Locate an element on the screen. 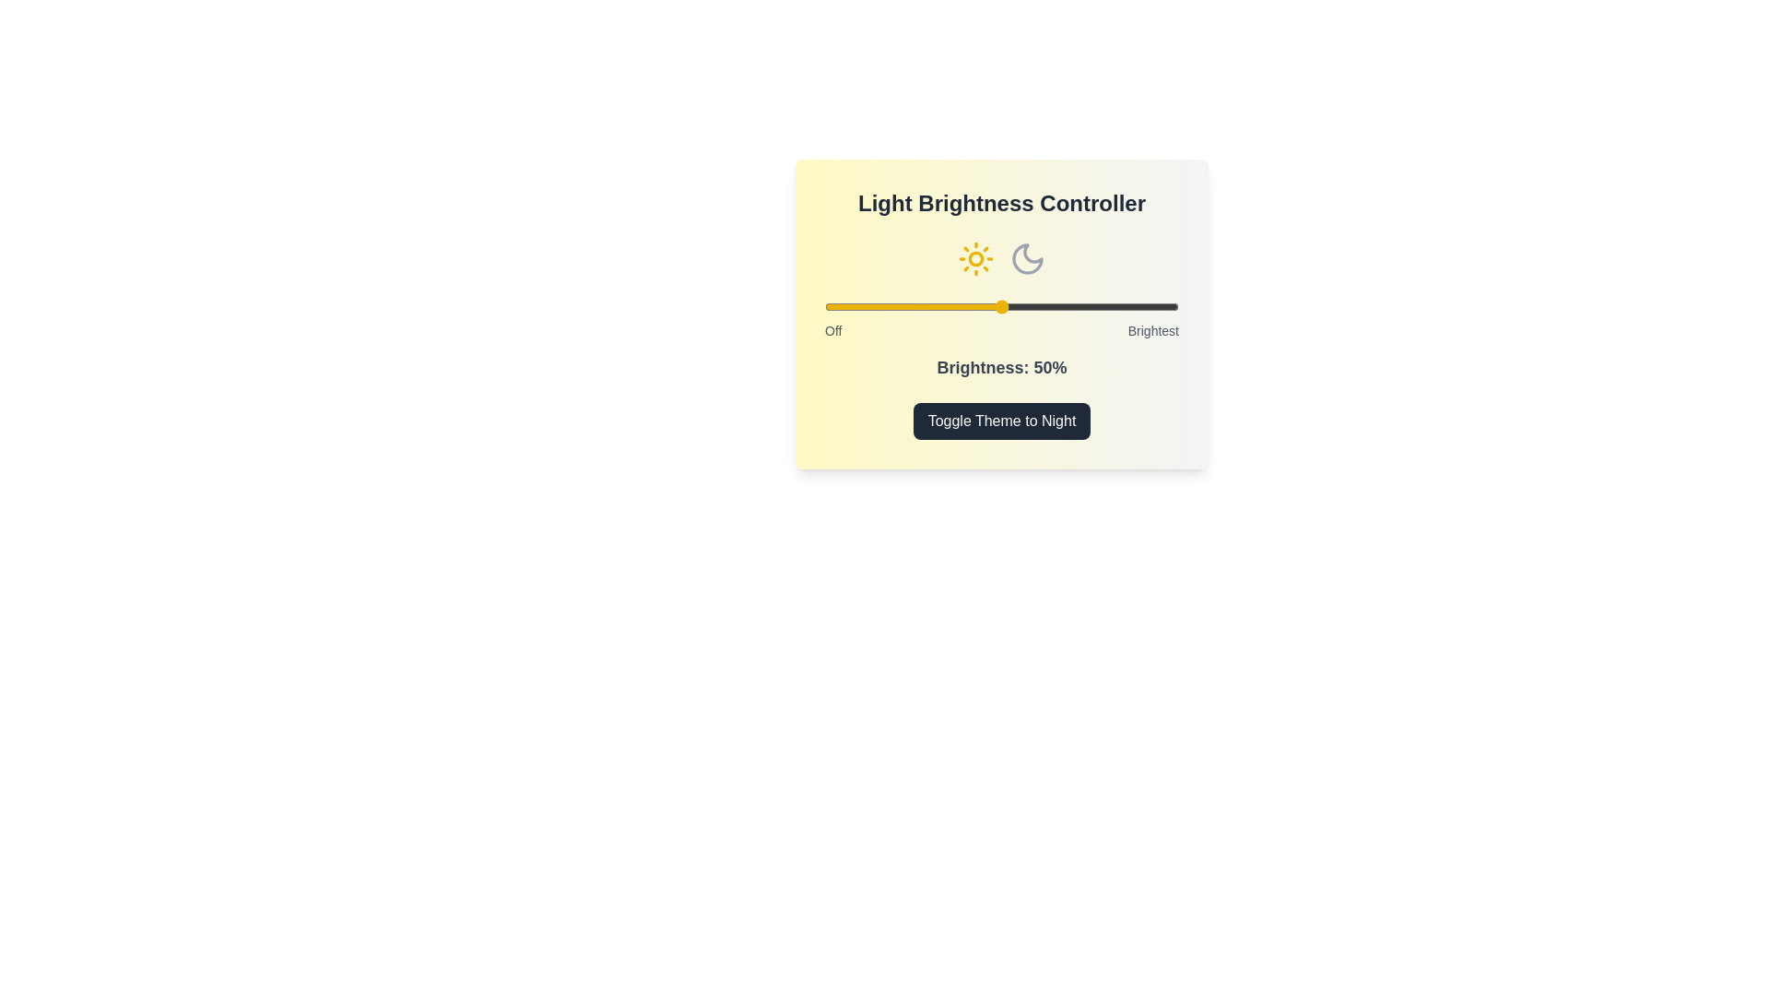 This screenshot has height=996, width=1770. the slider to set the brightness to 88% is located at coordinates (1135, 305).